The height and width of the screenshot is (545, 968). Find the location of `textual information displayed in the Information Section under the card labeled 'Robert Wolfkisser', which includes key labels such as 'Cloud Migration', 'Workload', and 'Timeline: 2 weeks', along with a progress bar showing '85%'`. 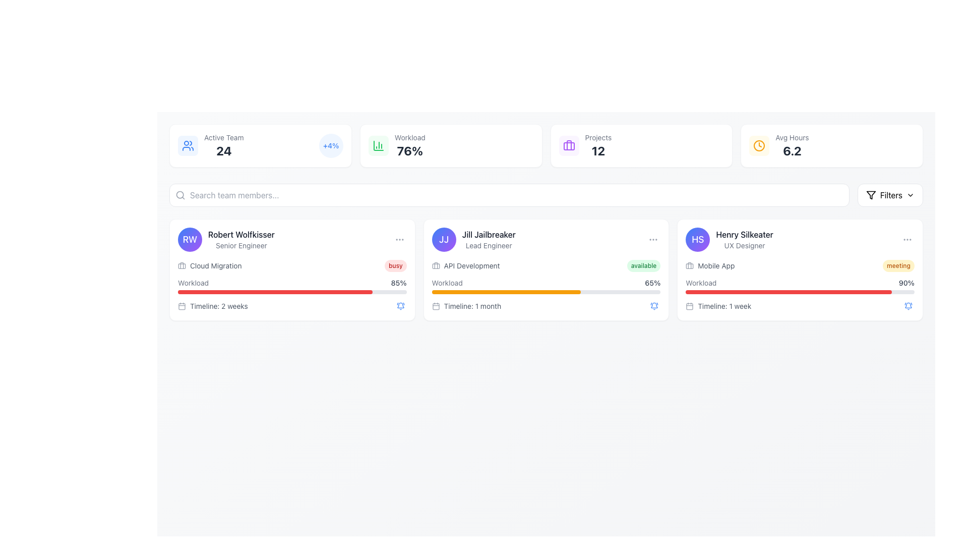

textual information displayed in the Information Section under the card labeled 'Robert Wolfkisser', which includes key labels such as 'Cloud Migration', 'Workload', and 'Timeline: 2 weeks', along with a progress bar showing '85%' is located at coordinates (291, 286).